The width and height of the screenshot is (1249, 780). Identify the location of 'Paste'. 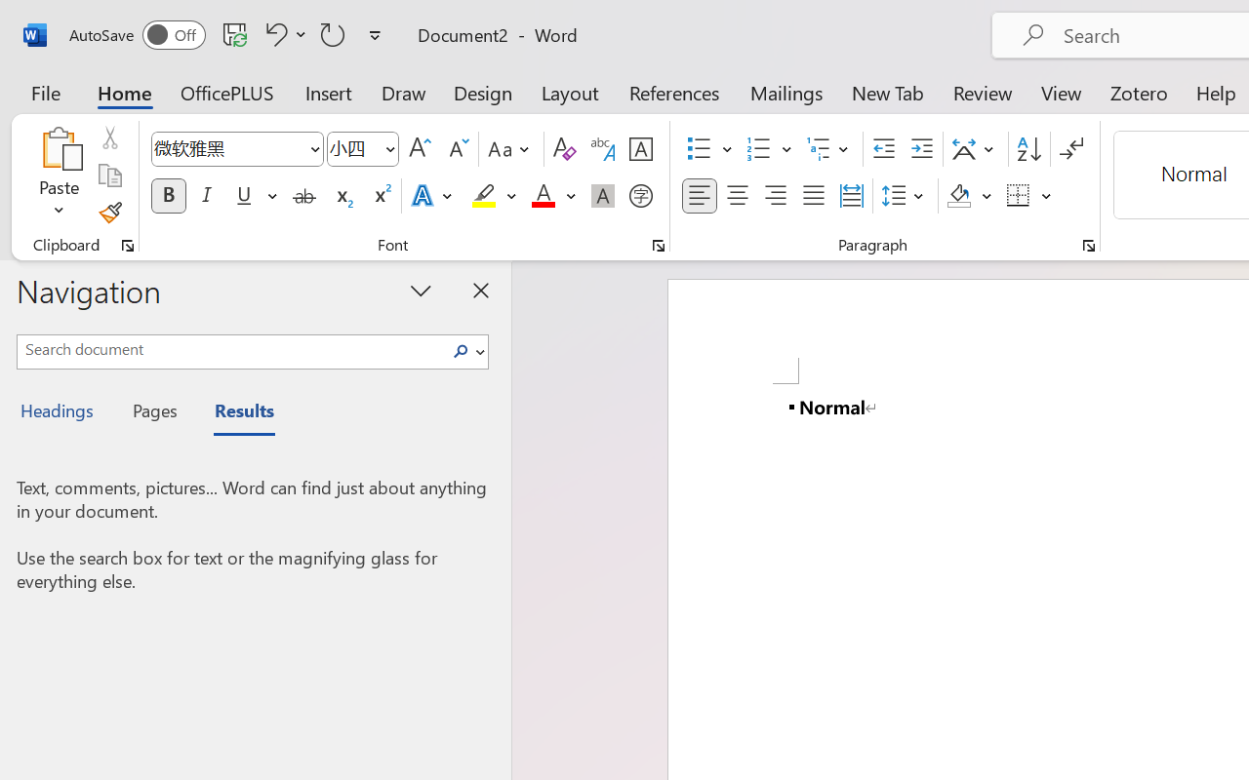
(59, 175).